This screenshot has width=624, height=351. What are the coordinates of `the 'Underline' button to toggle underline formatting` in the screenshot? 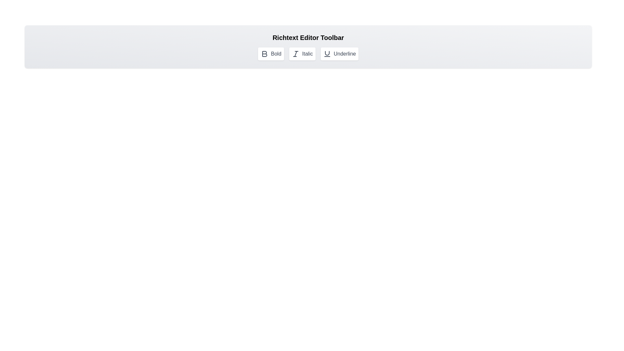 It's located at (339, 53).